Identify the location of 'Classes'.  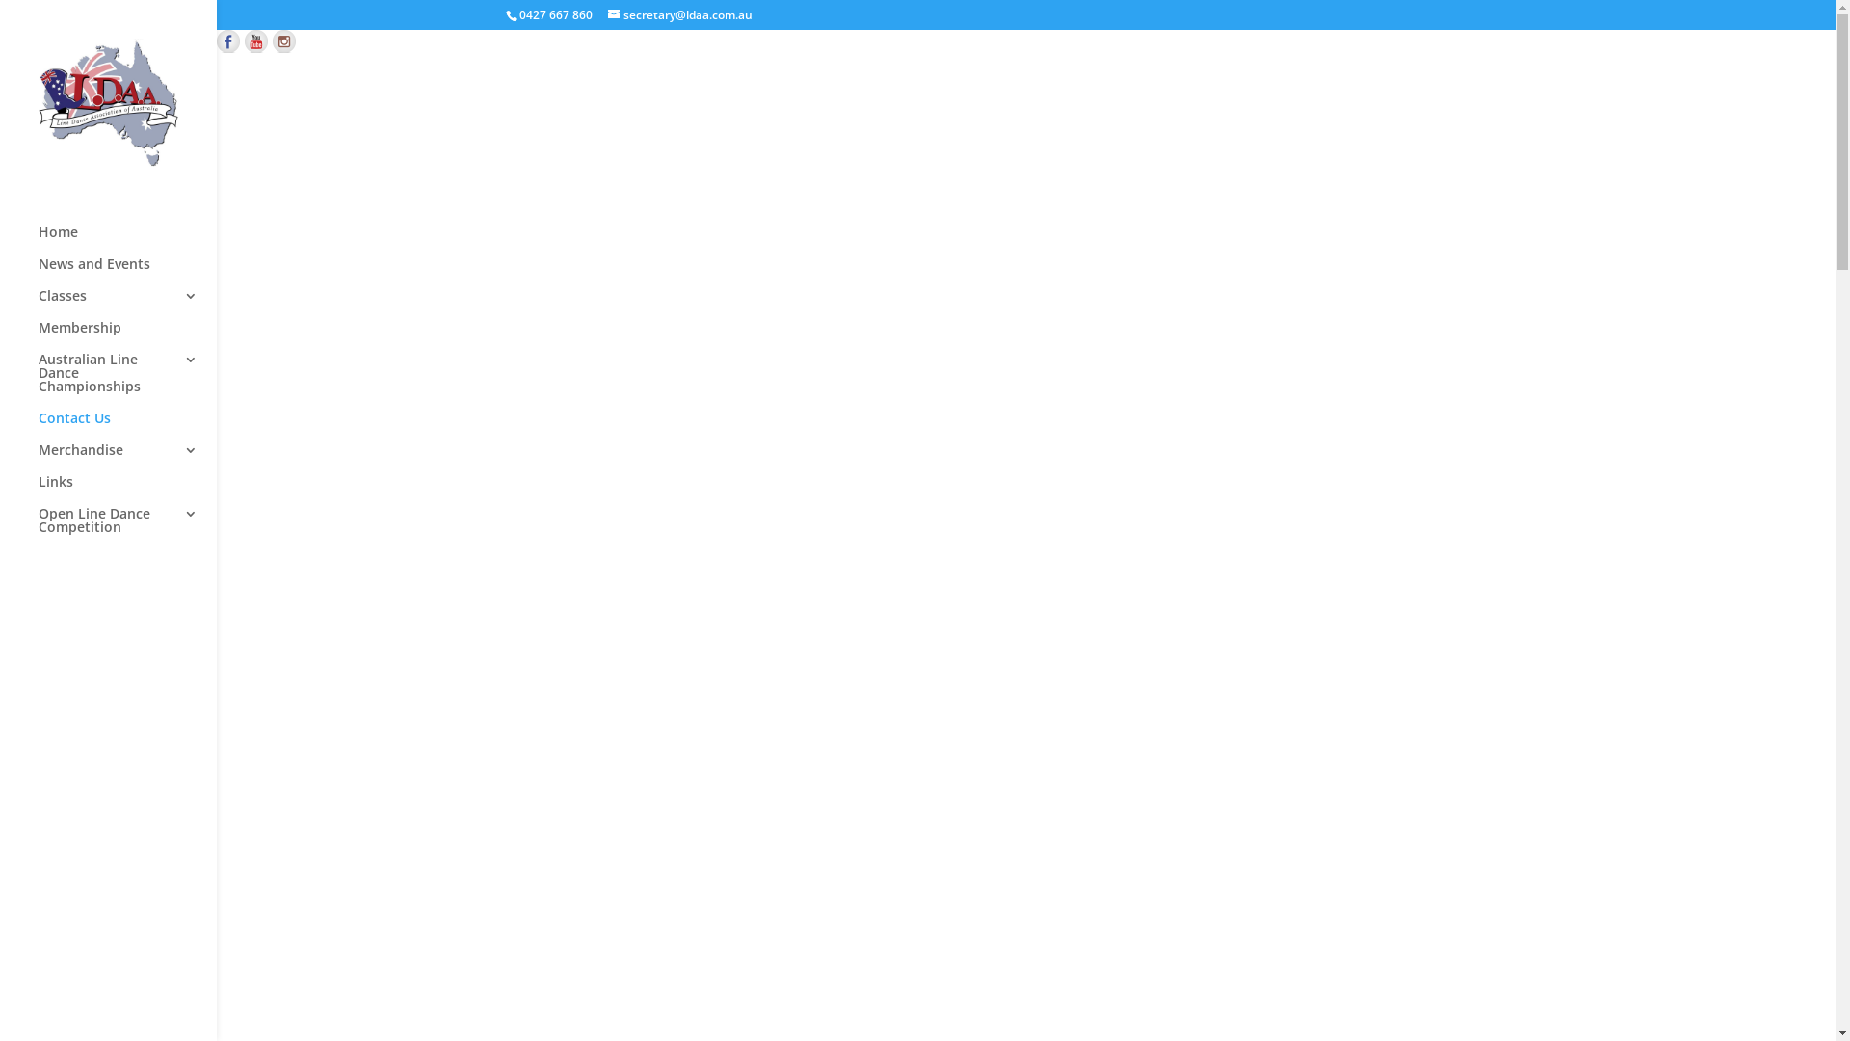
(38, 304).